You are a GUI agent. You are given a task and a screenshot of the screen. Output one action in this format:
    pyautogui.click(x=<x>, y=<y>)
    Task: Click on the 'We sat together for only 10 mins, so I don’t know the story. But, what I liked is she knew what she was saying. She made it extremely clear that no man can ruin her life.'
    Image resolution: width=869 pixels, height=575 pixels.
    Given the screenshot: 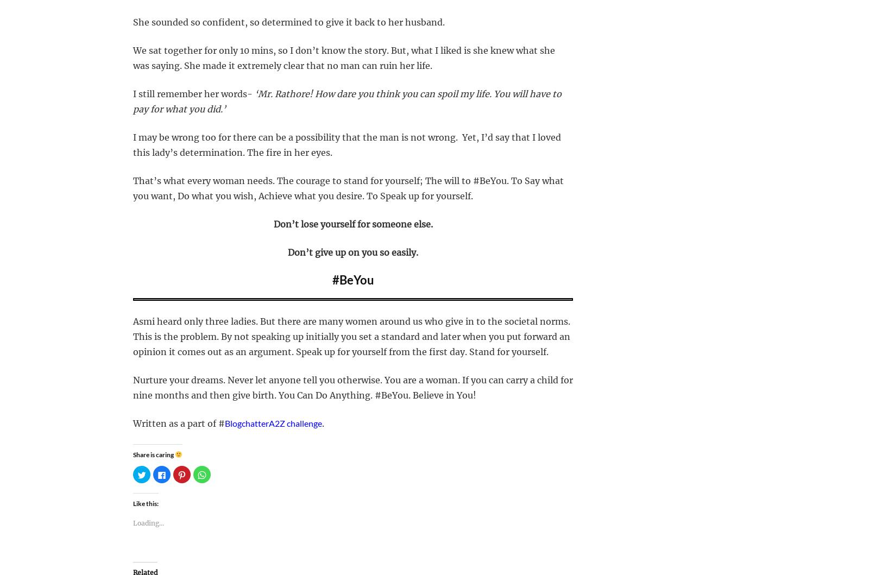 What is the action you would take?
    pyautogui.click(x=133, y=58)
    